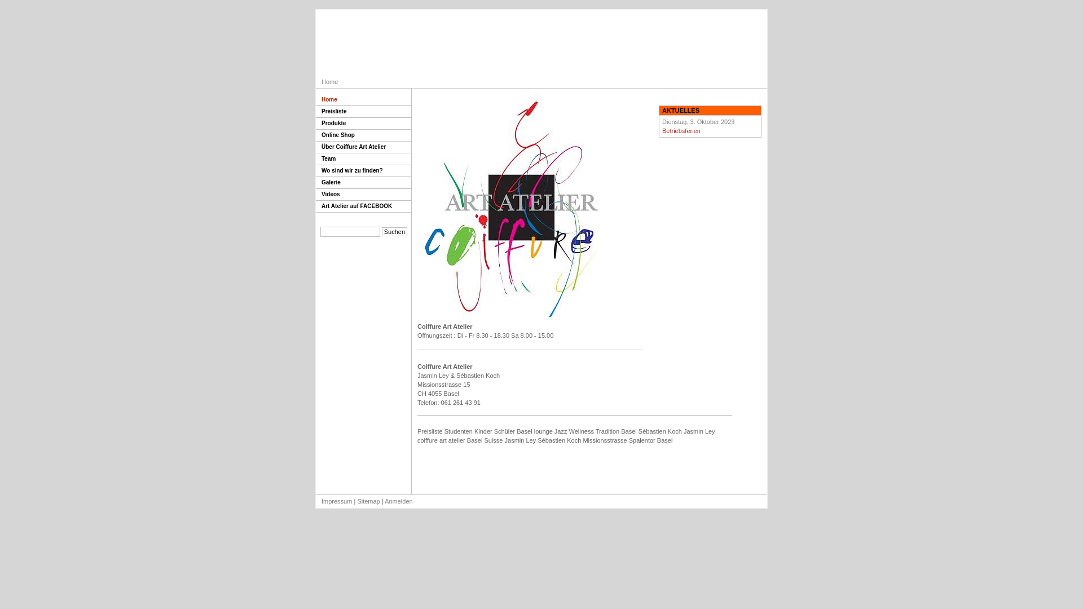  I want to click on 'Suchen', so click(394, 231).